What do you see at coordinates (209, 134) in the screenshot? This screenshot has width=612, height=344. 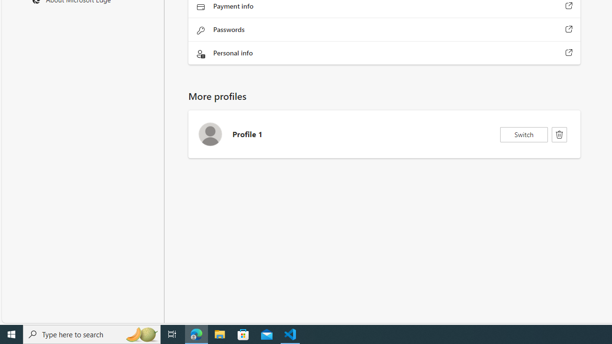 I see `'Profile 1 Avatar icon'` at bounding box center [209, 134].